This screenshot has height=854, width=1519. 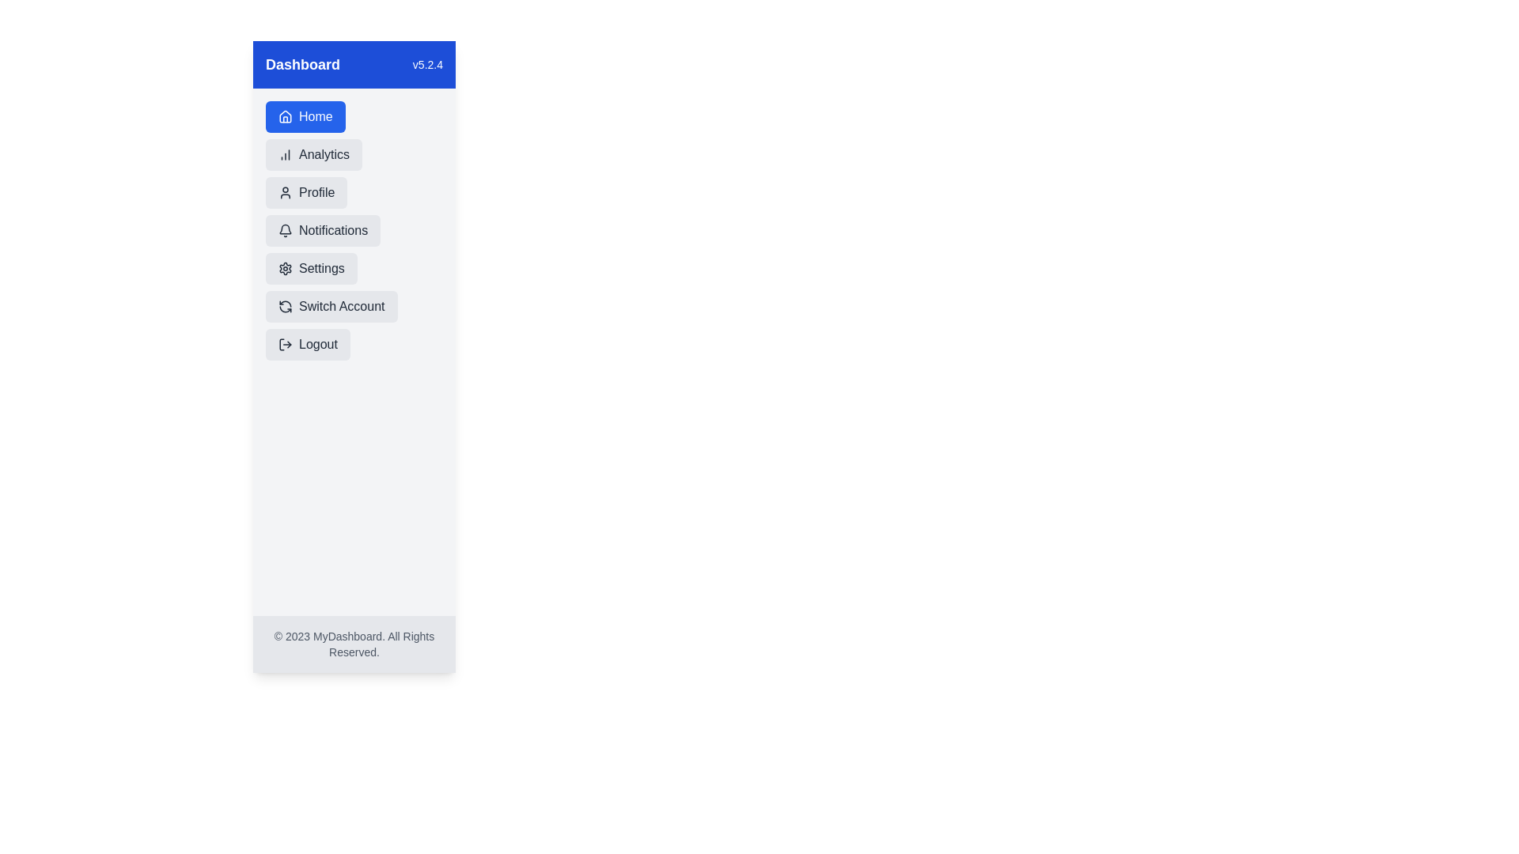 I want to click on the 'Notifications' text label in the menu button, so click(x=332, y=231).